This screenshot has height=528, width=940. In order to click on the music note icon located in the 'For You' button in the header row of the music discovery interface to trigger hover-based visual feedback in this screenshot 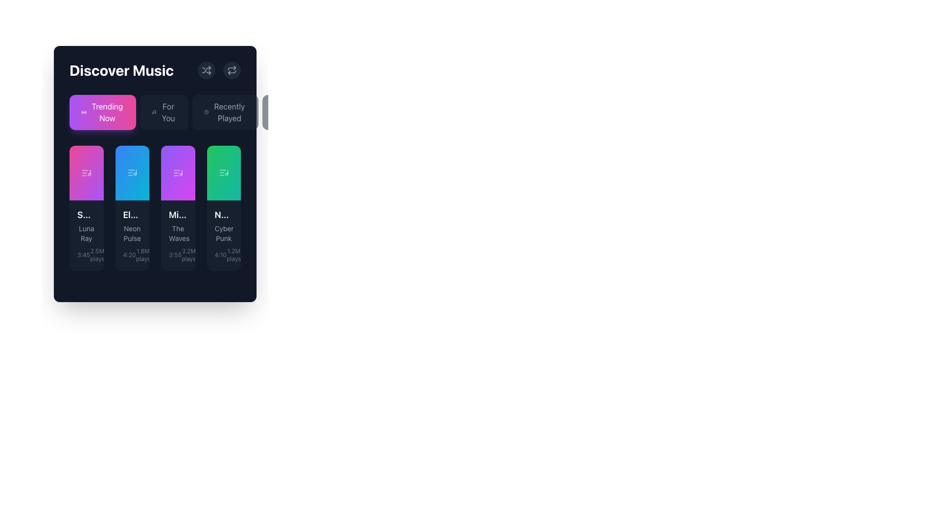, I will do `click(153, 112)`.